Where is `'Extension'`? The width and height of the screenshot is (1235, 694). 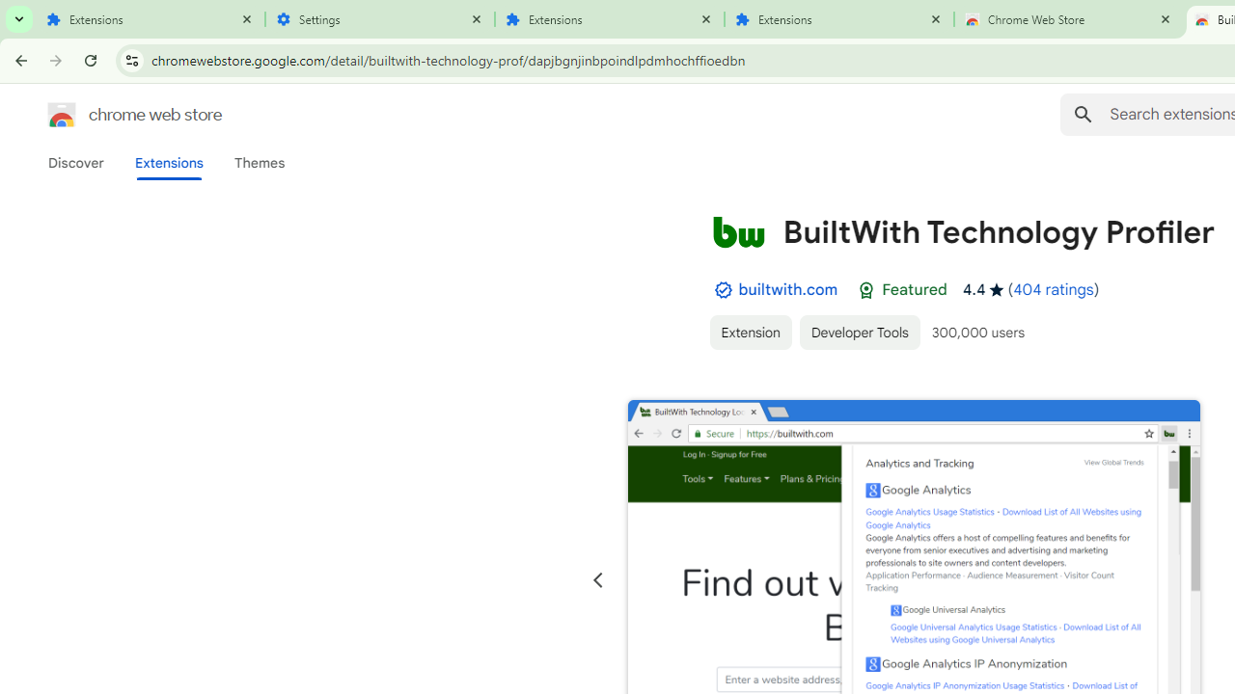
'Extension' is located at coordinates (749, 331).